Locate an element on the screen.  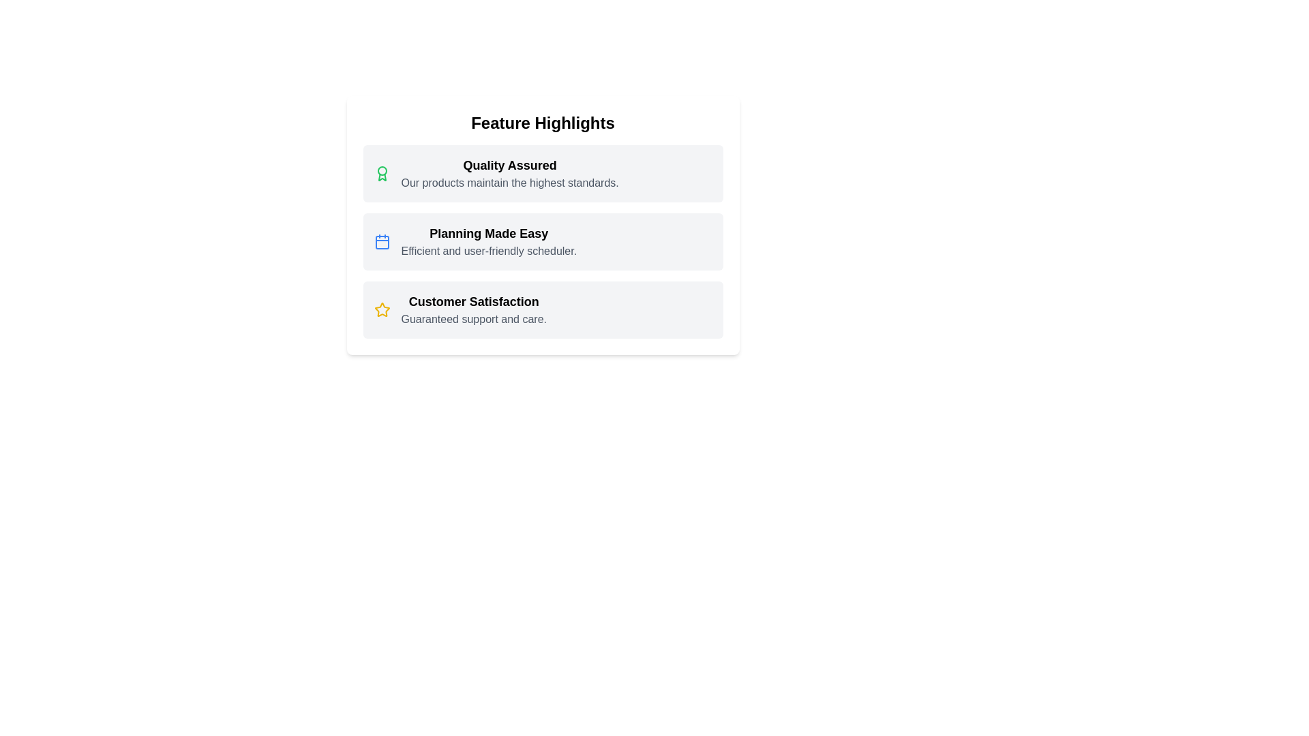
the 'Planning Made Easy' informational card, which is the second card in a vertical list of three feature cards, positioned between 'Quality Assured' and 'Customer Satisfaction' is located at coordinates (542, 225).